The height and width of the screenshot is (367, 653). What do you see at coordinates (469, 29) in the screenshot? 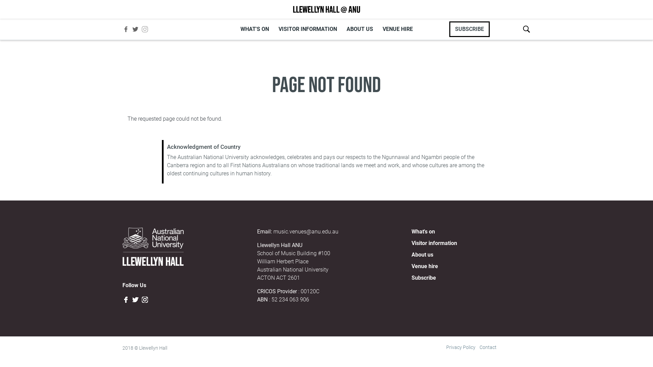
I see `'SUBSCRIBE'` at bounding box center [469, 29].